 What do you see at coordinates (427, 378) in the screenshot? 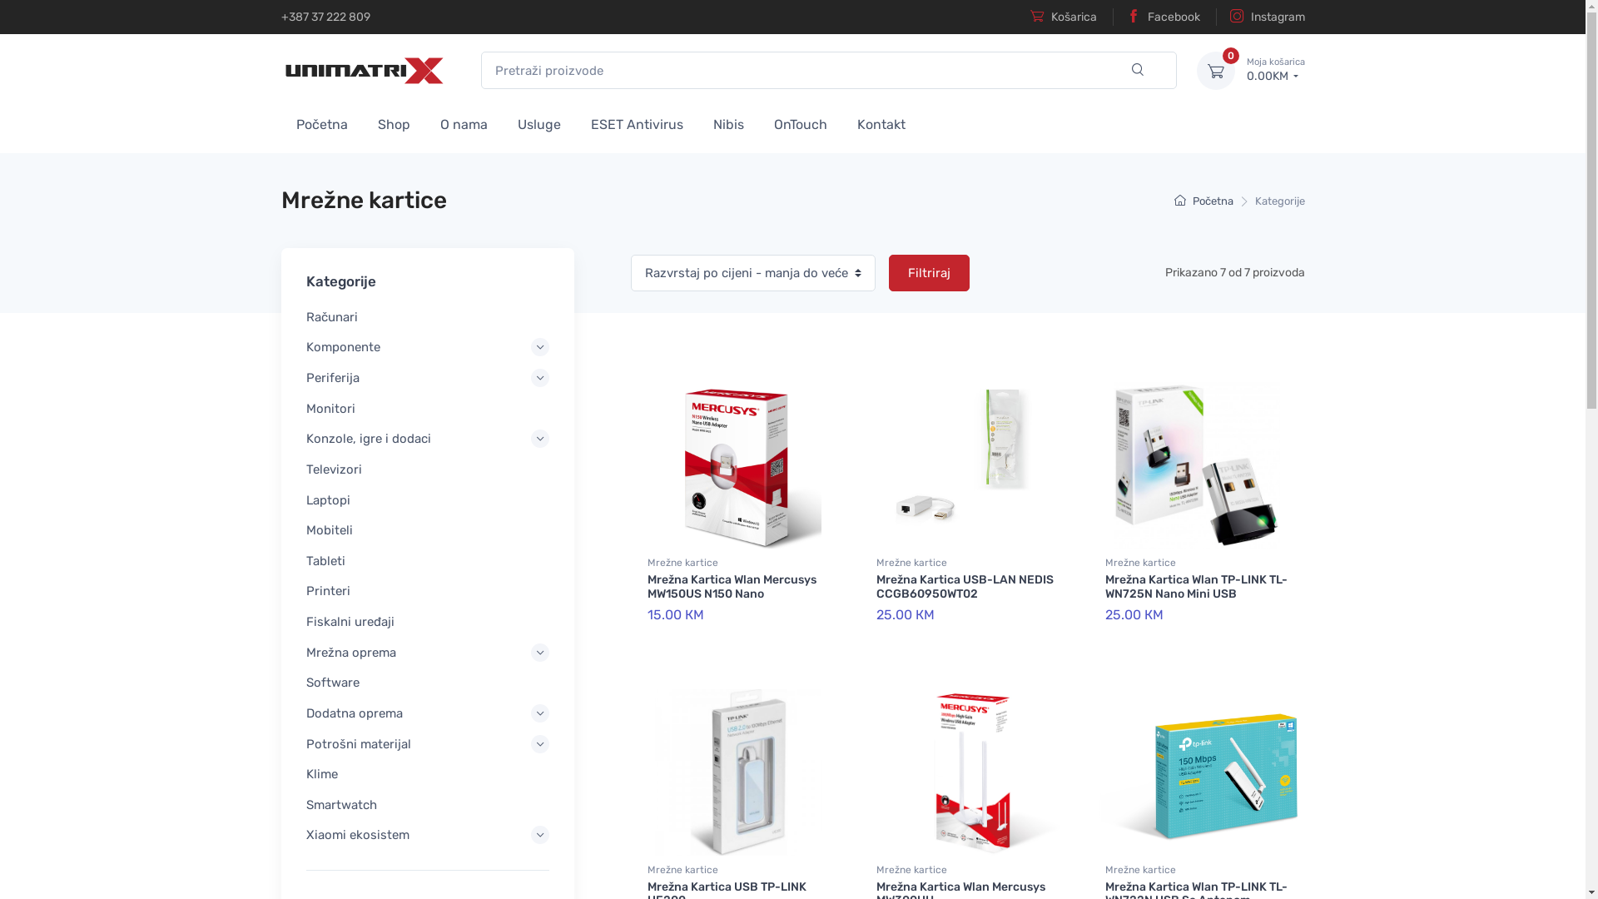
I see `'Periferija'` at bounding box center [427, 378].